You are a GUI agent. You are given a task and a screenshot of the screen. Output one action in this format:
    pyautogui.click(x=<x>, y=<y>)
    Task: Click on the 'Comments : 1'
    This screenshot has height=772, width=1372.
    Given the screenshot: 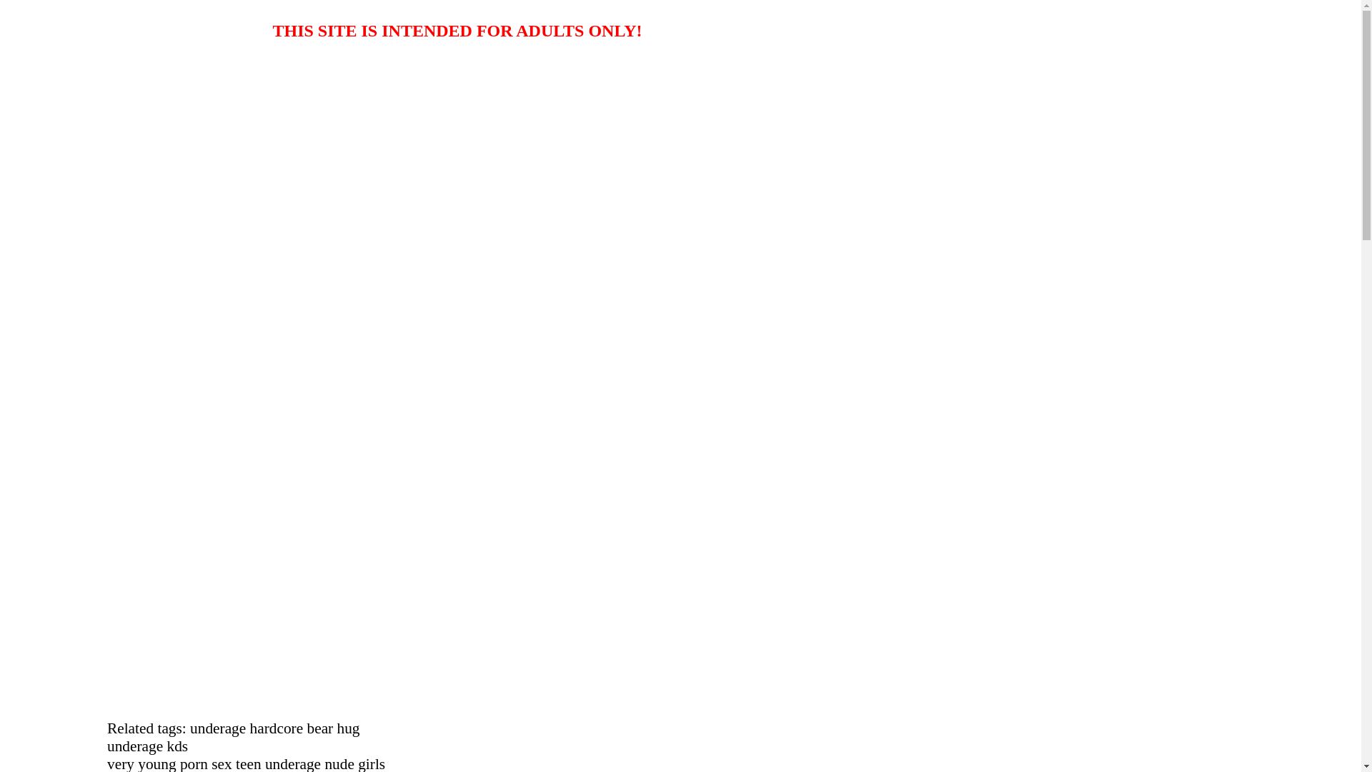 What is the action you would take?
    pyautogui.click(x=65, y=122)
    